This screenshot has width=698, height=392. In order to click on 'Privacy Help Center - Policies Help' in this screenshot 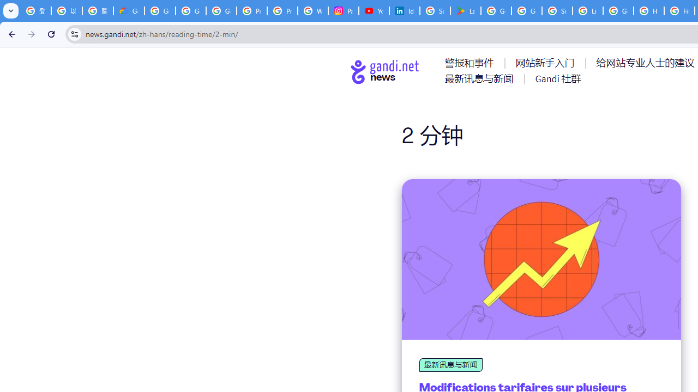, I will do `click(251, 11)`.